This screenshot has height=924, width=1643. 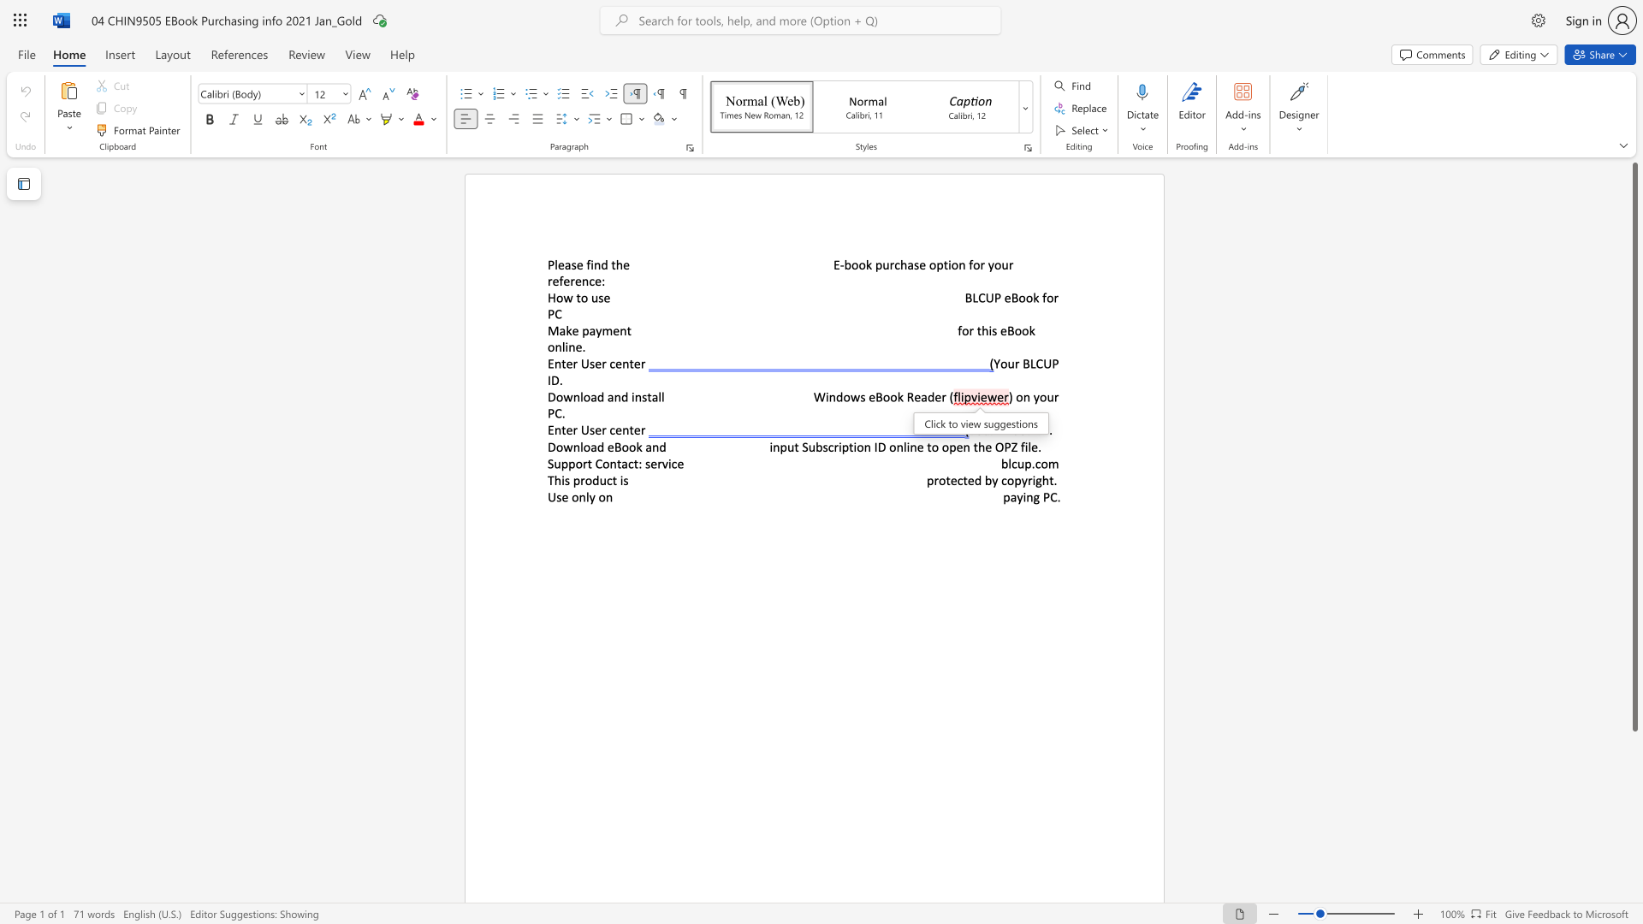 What do you see at coordinates (1014, 429) in the screenshot?
I see `the 1th character "C" in the text` at bounding box center [1014, 429].